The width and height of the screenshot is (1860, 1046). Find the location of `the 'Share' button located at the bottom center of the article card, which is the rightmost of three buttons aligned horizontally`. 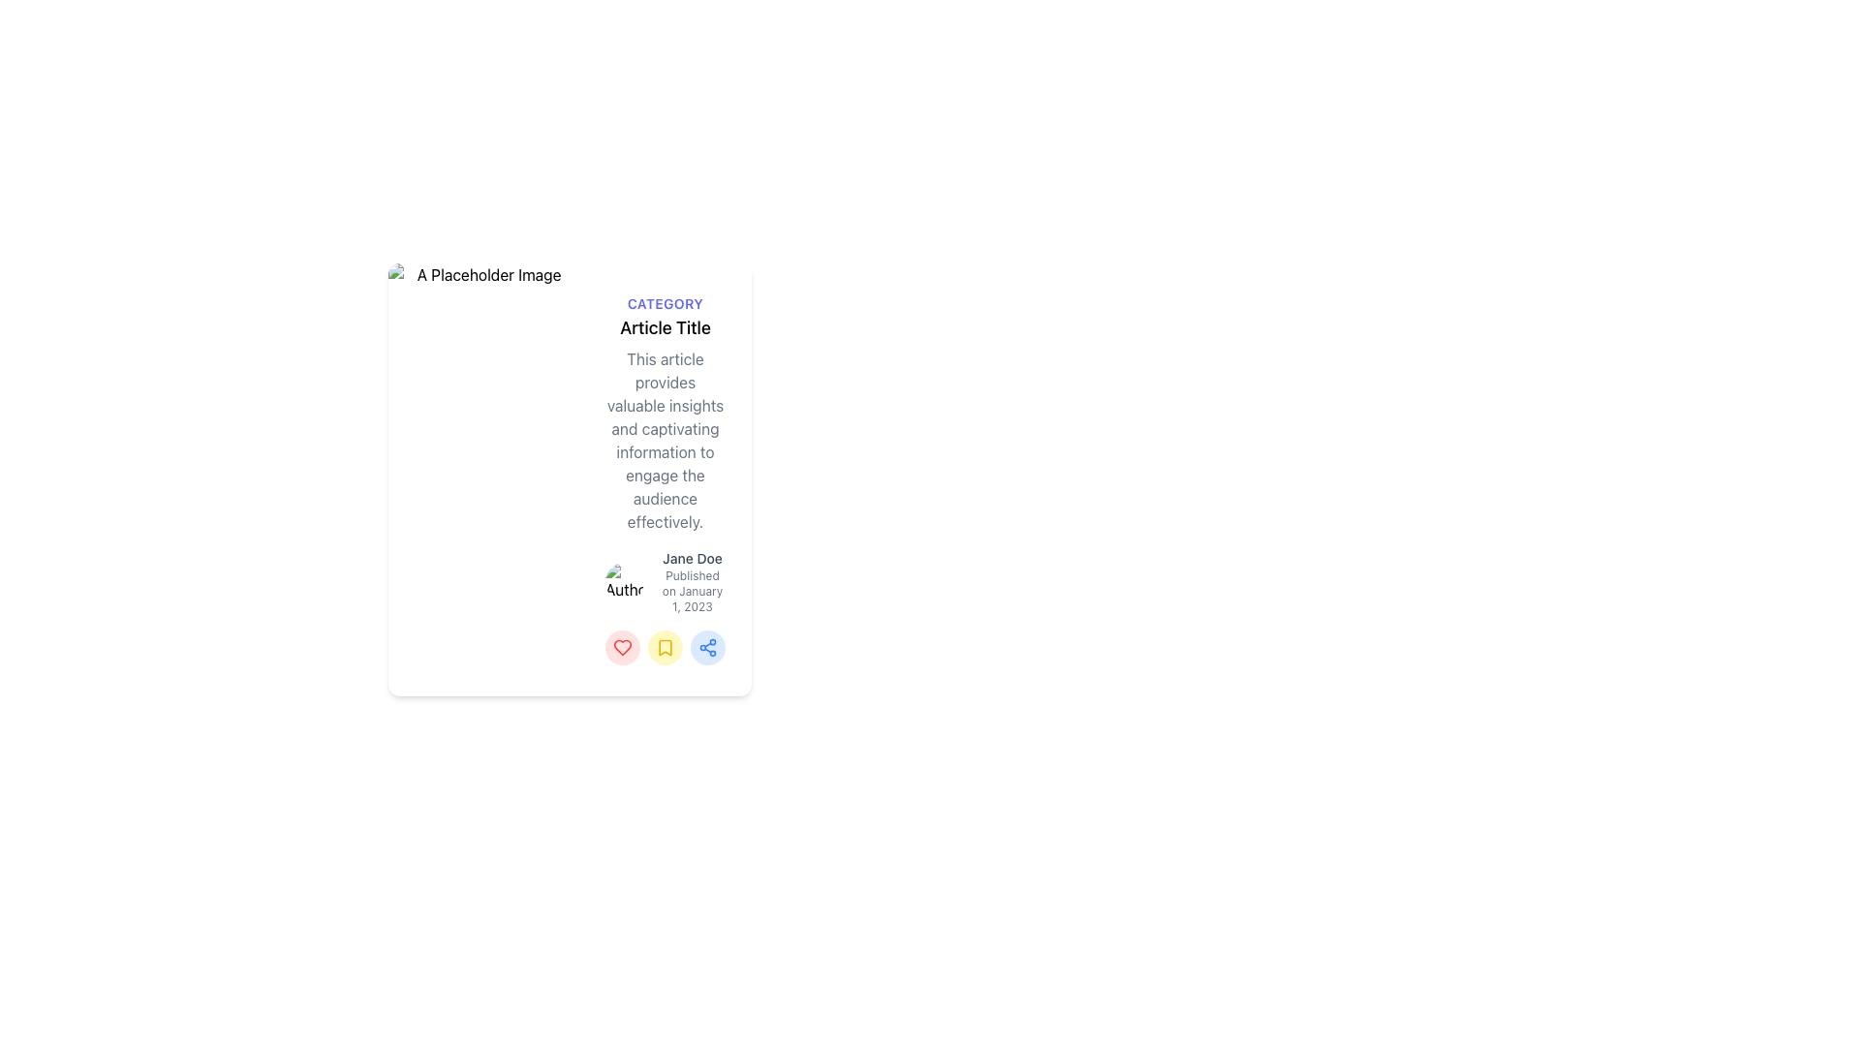

the 'Share' button located at the bottom center of the article card, which is the rightmost of three buttons aligned horizontally is located at coordinates (706, 646).